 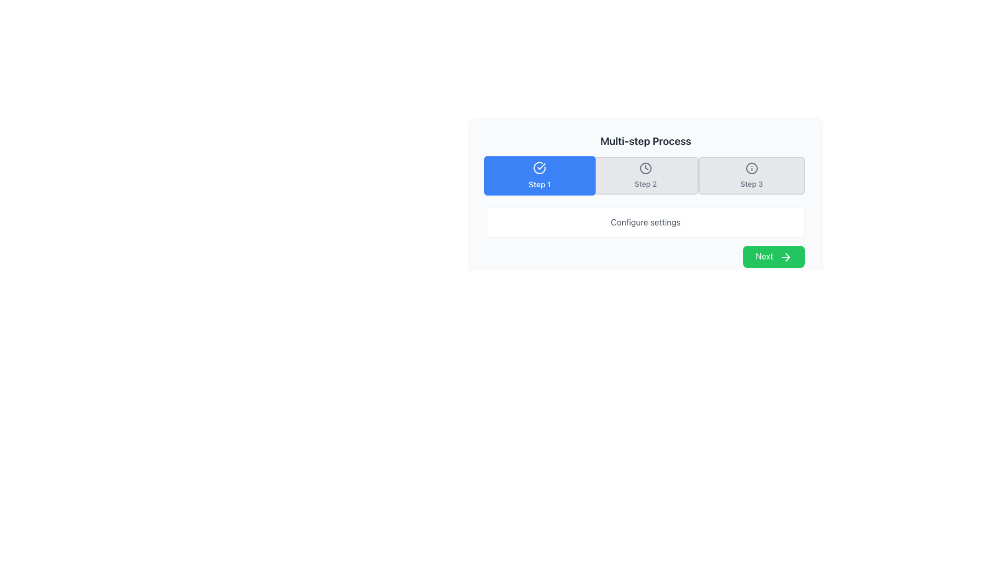 What do you see at coordinates (645, 175) in the screenshot?
I see `the second step indicator in the multi-step navigation component, which visually represents the current step in the sequence of the multi-step process` at bounding box center [645, 175].